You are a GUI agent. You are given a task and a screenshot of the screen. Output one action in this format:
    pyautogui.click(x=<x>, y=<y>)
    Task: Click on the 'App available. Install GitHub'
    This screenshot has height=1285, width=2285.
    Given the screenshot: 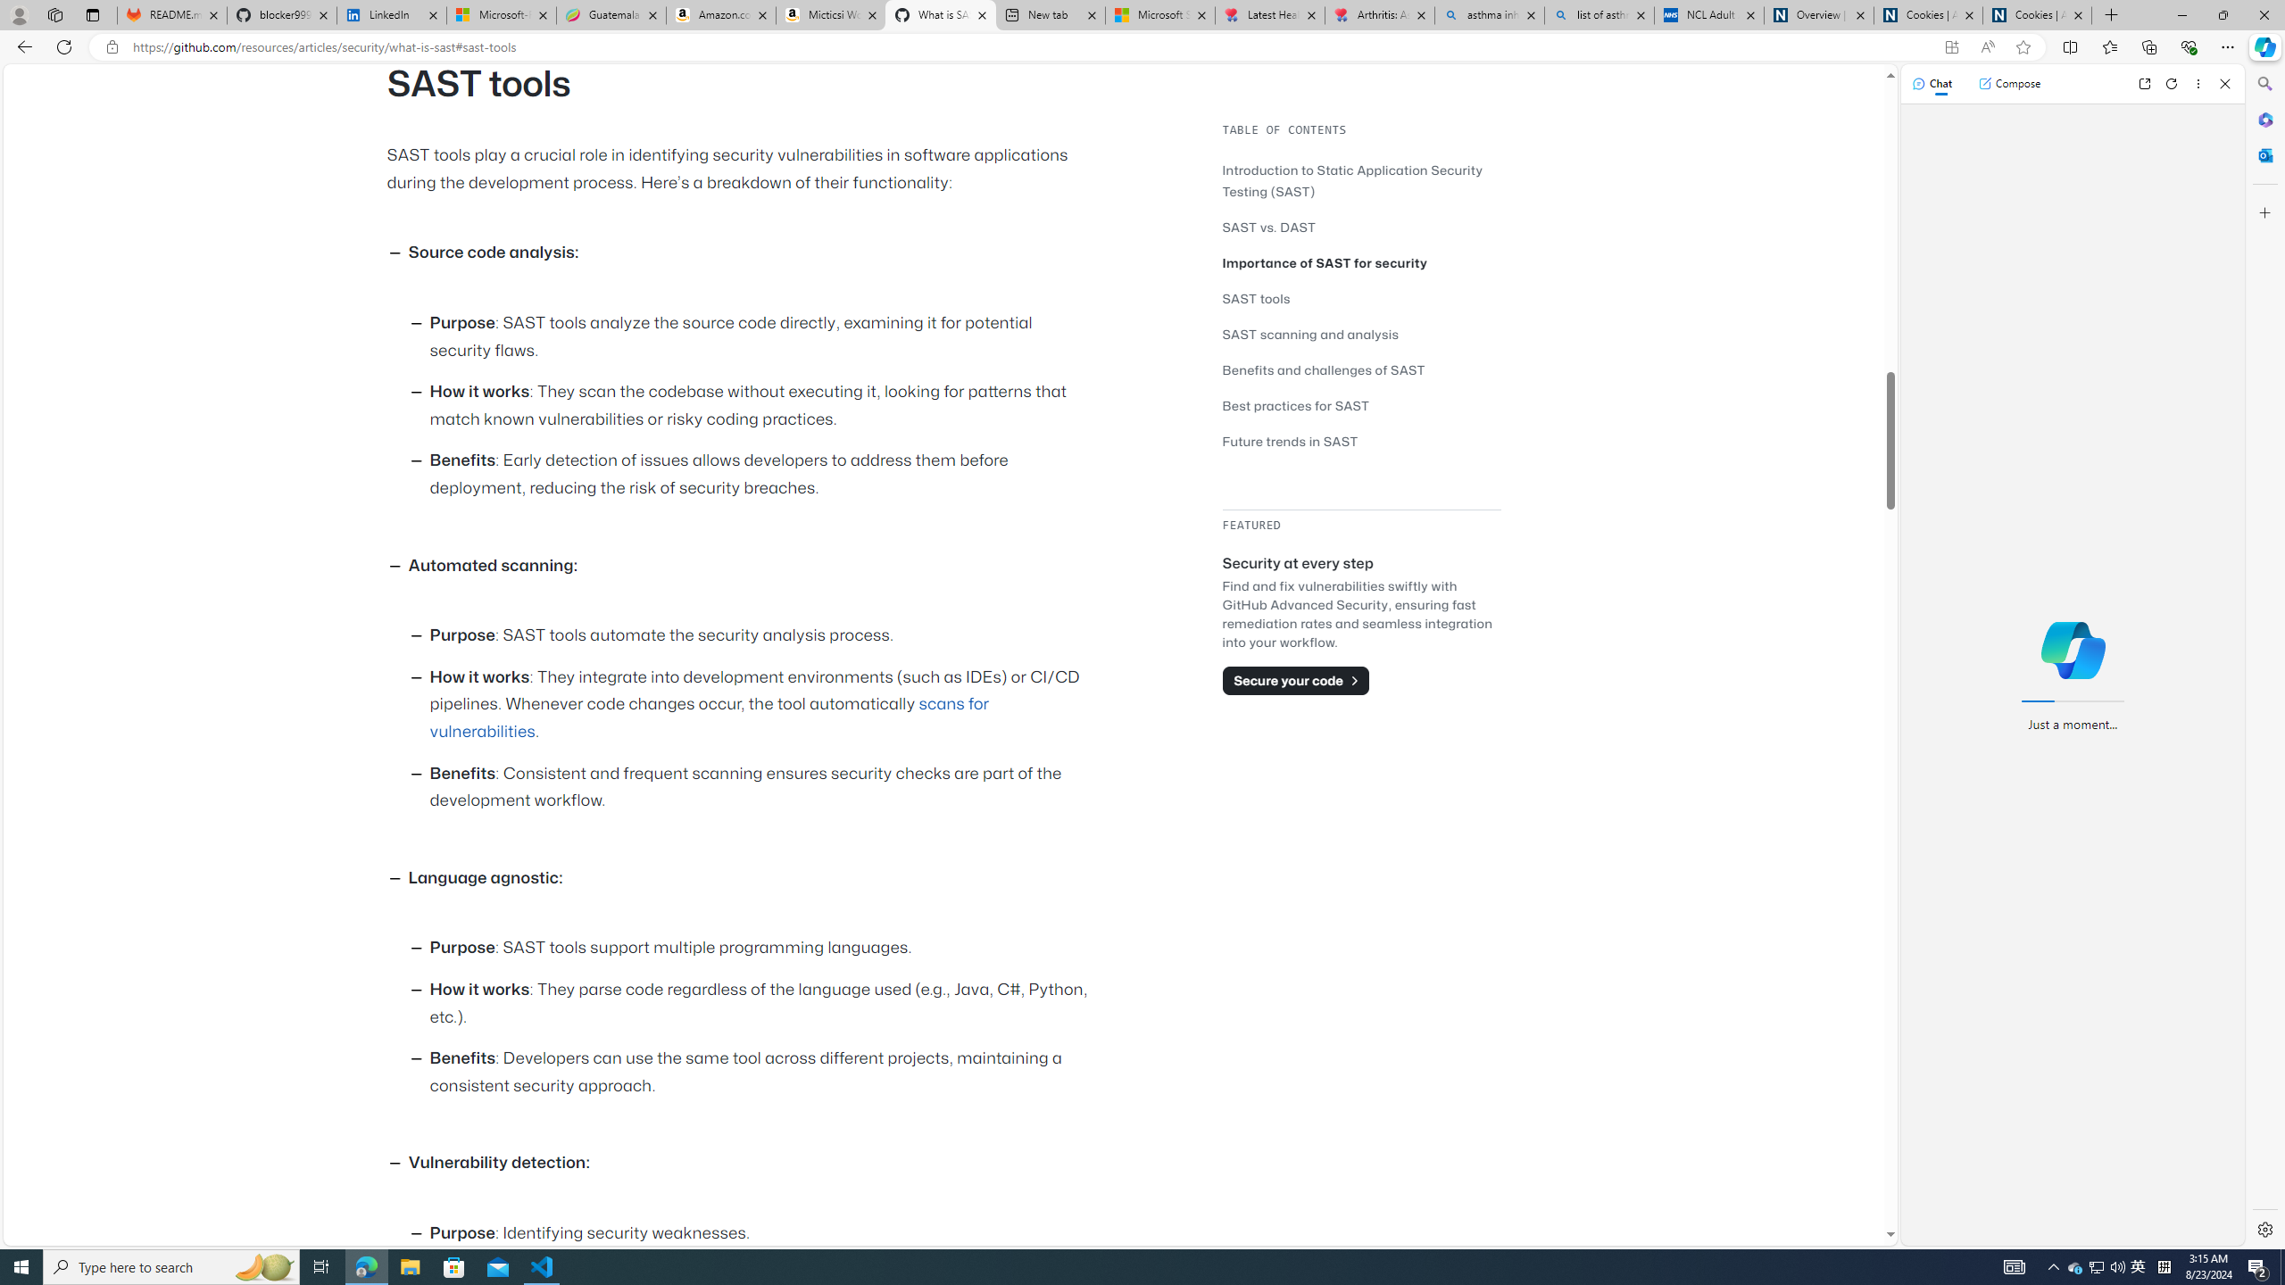 What is the action you would take?
    pyautogui.click(x=1950, y=47)
    